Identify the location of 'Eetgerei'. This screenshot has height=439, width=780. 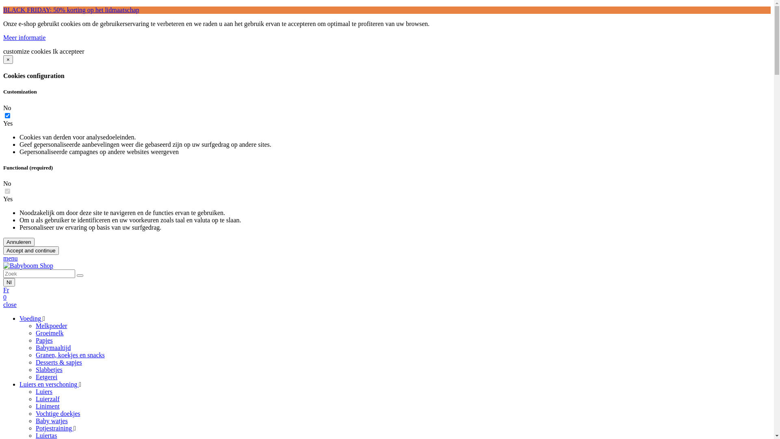
(46, 377).